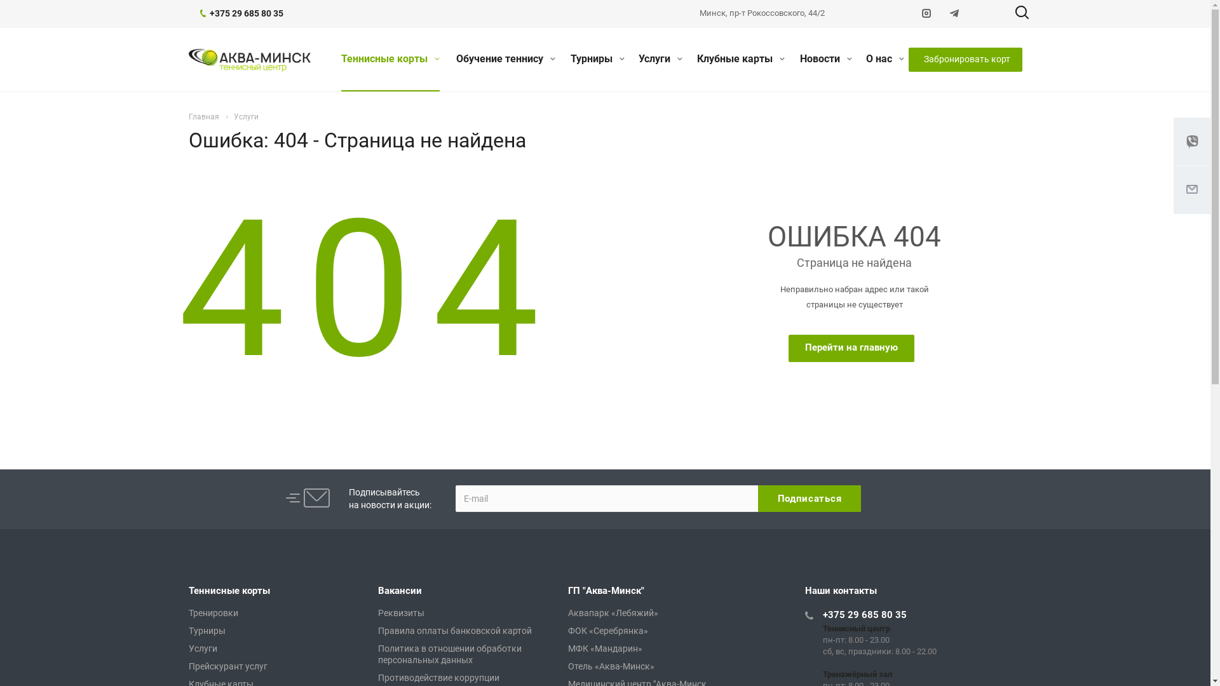 The image size is (1220, 686). I want to click on '+375 29 685 80 35', so click(864, 614).